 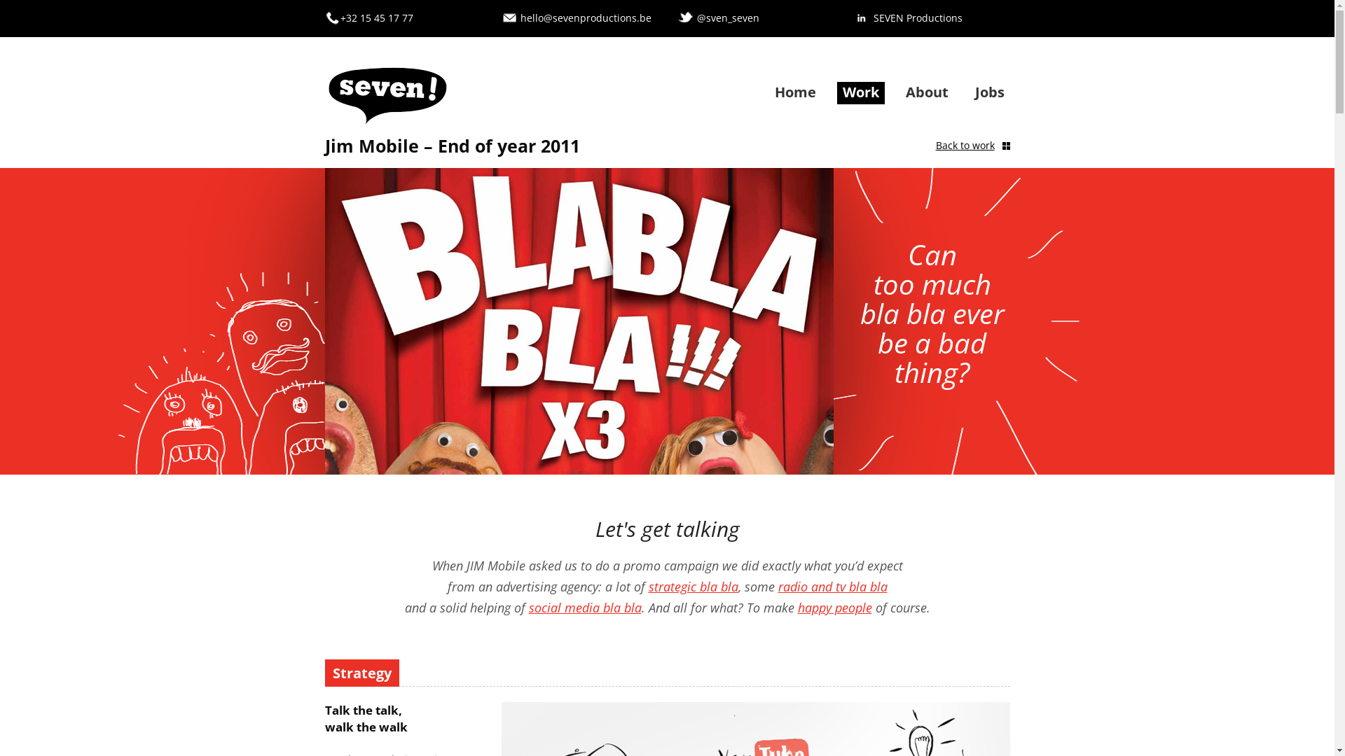 What do you see at coordinates (917, 17) in the screenshot?
I see `'SEVEN Productions'` at bounding box center [917, 17].